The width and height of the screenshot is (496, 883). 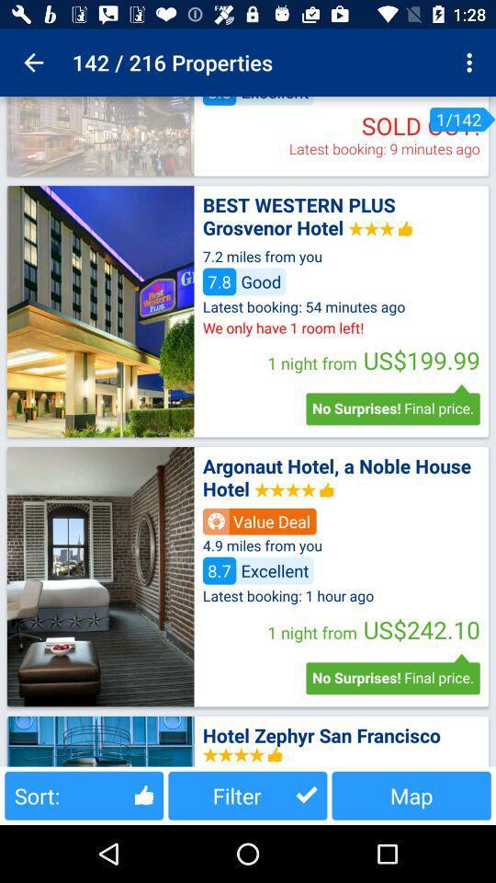 What do you see at coordinates (100, 311) in the screenshot?
I see `press box on left to view` at bounding box center [100, 311].